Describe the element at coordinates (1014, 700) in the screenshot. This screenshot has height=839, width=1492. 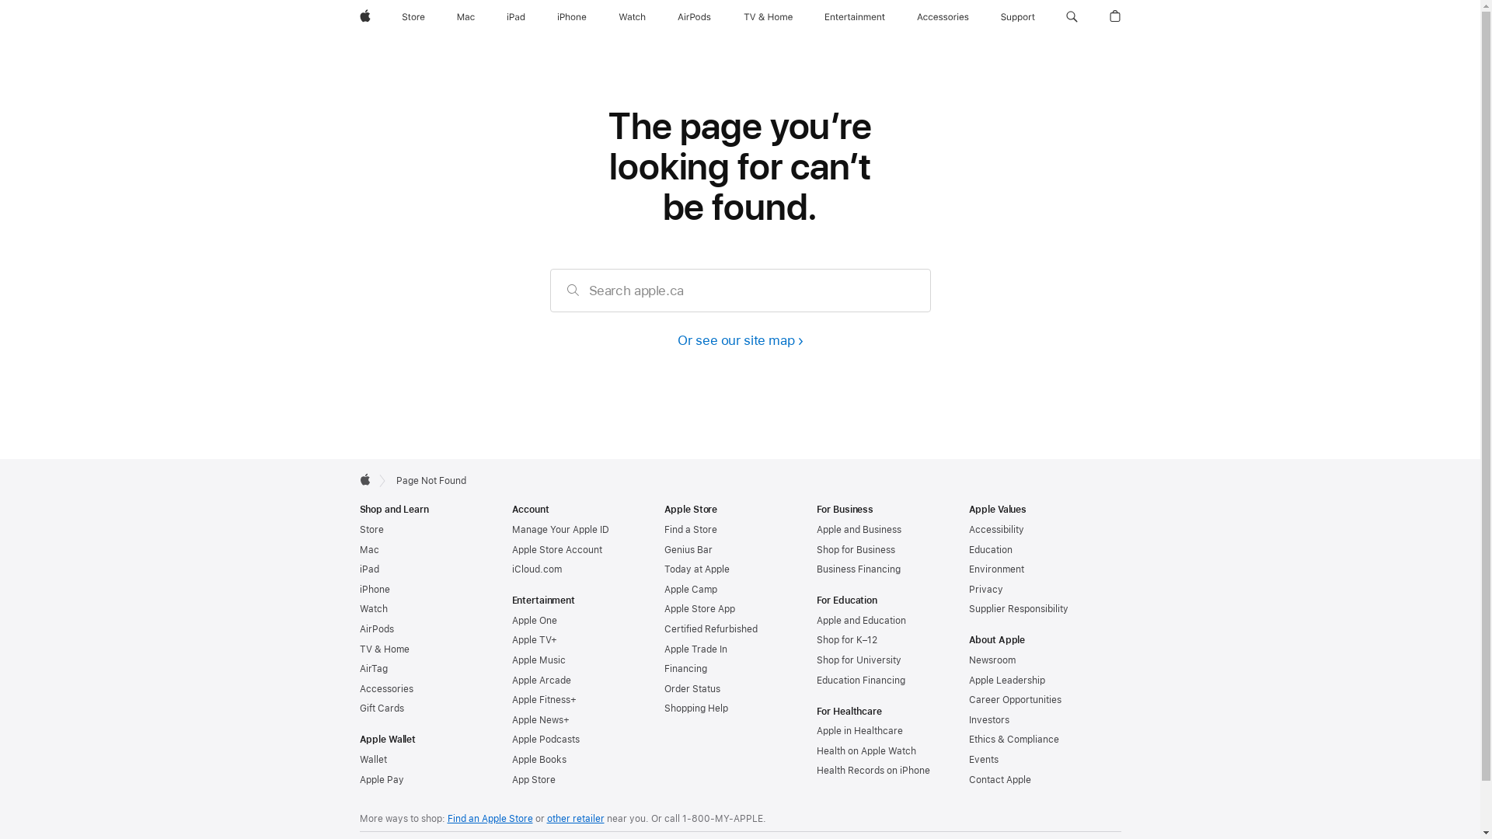
I see `'Career Opportunities'` at that location.